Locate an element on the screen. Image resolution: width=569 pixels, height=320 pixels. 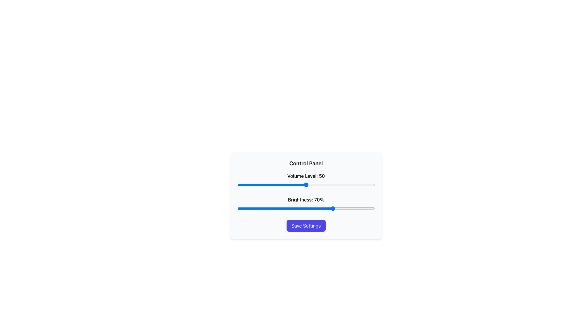
the Range slider located below the 'Volume Level: 50' label in the 'Control Panel' to potentially display a tooltip is located at coordinates (306, 185).